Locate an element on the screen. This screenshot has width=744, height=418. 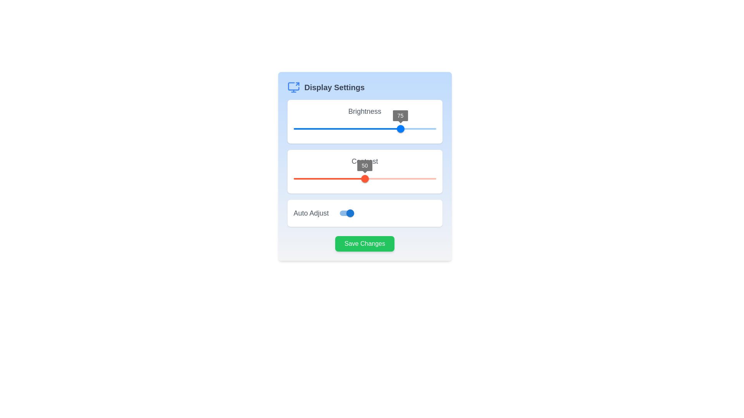
the brightness is located at coordinates (443, 128).